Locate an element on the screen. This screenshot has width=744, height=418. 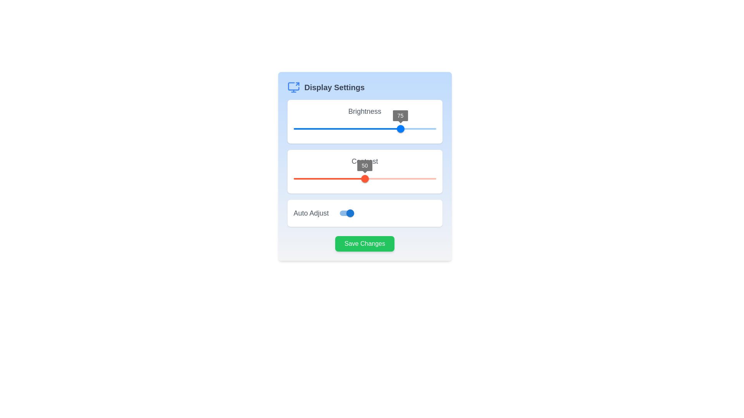
the brightness is located at coordinates (443, 128).